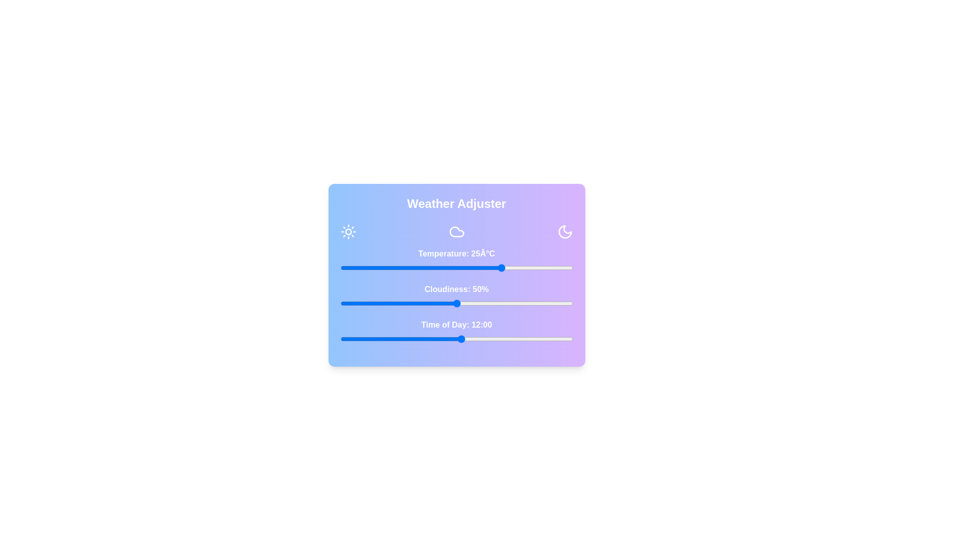 The height and width of the screenshot is (541, 963). Describe the element at coordinates (456, 290) in the screenshot. I see `assistive technology` at that location.